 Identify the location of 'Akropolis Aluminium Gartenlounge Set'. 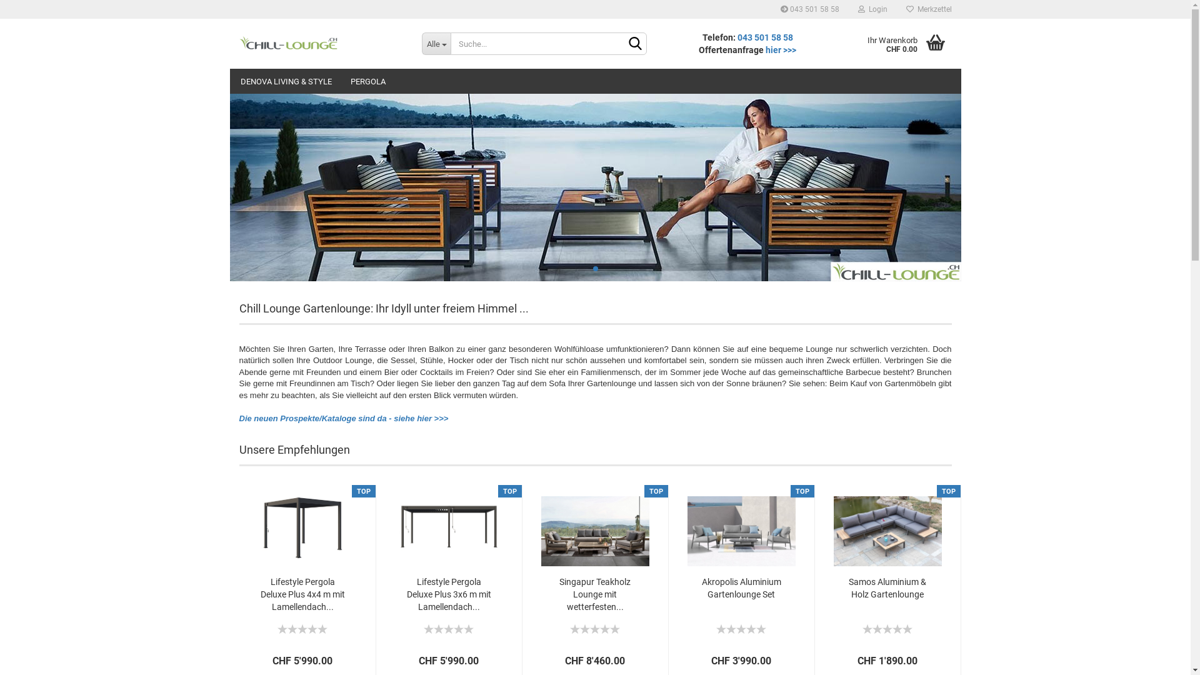
(695, 588).